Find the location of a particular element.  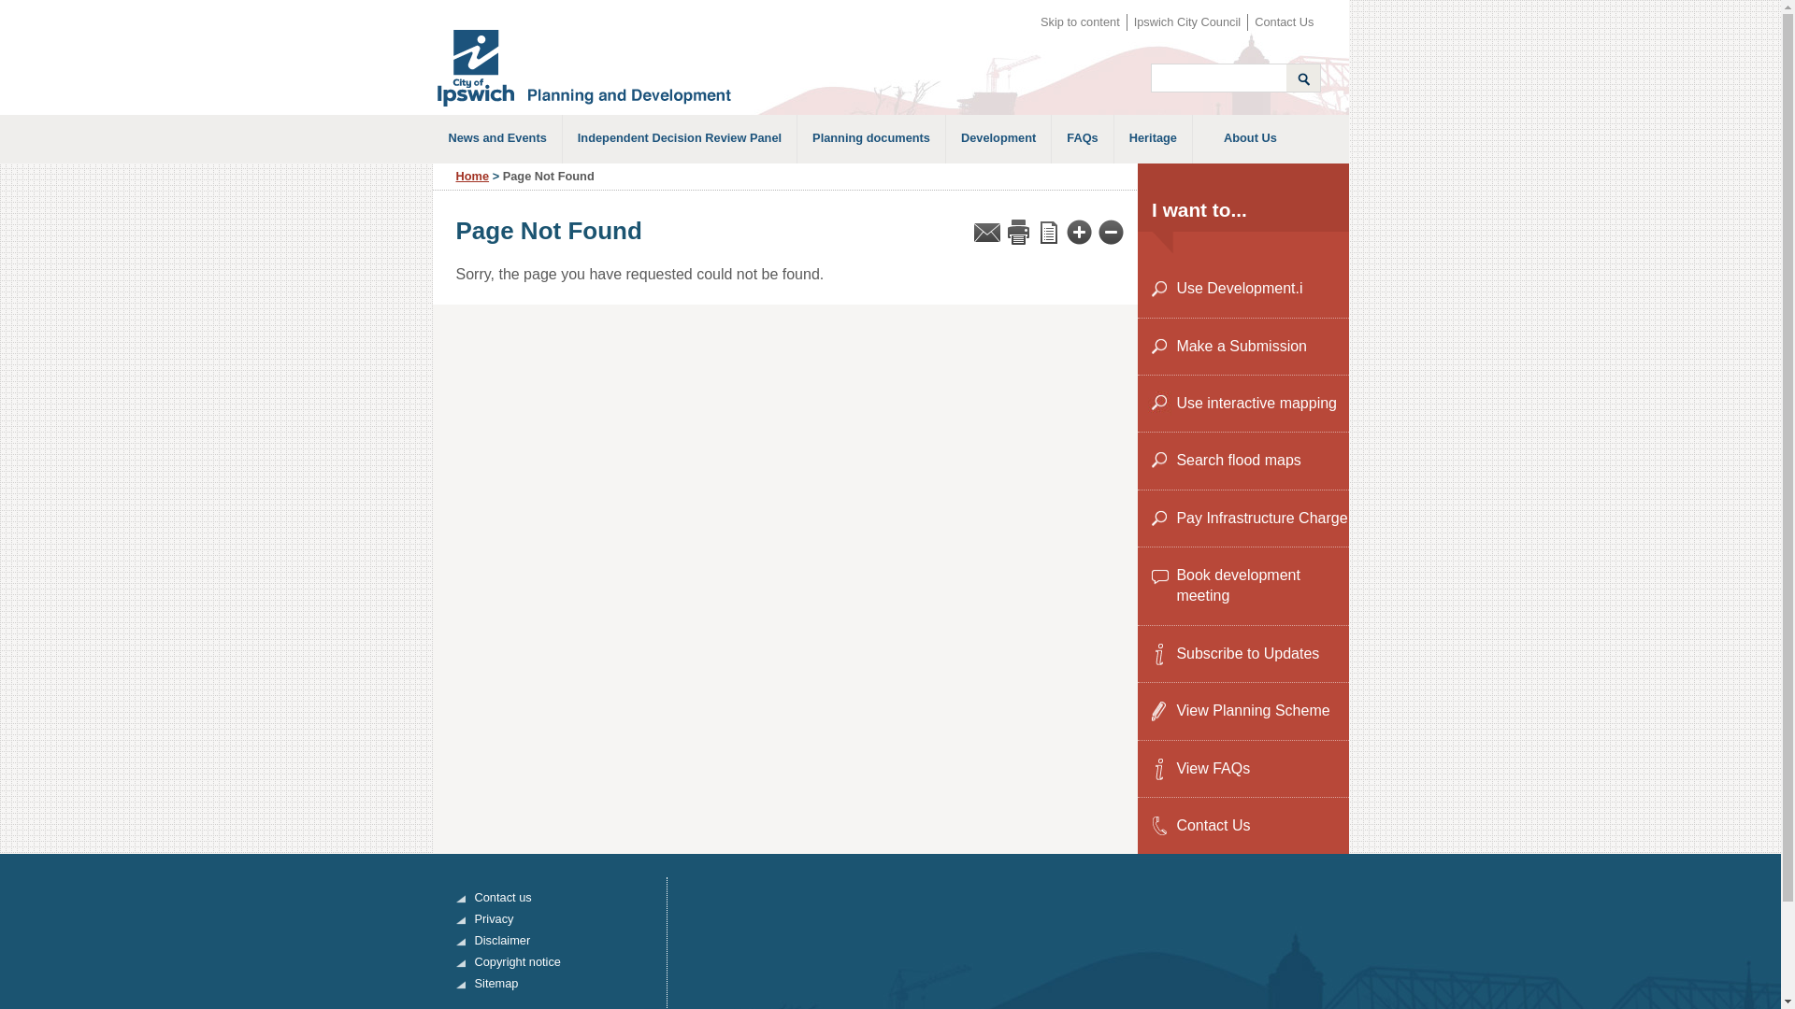

'Contact Us' is located at coordinates (1283, 21).